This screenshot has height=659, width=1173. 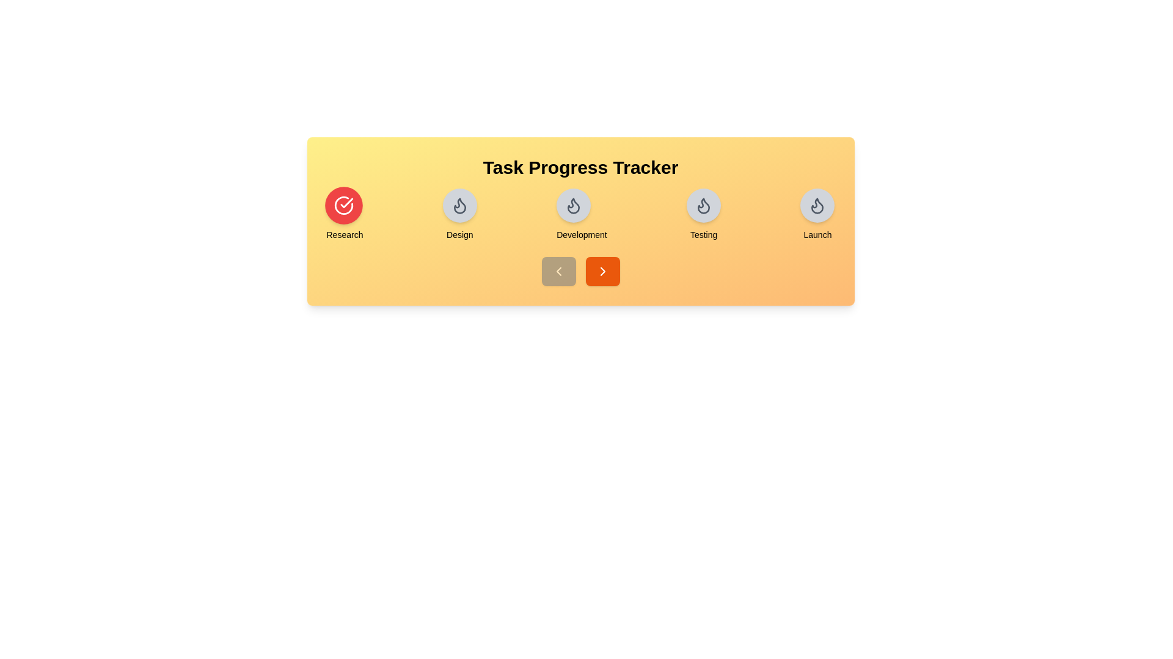 What do you see at coordinates (704, 204) in the screenshot?
I see `the third circular button representing 'Testing' in the task progress tracker` at bounding box center [704, 204].